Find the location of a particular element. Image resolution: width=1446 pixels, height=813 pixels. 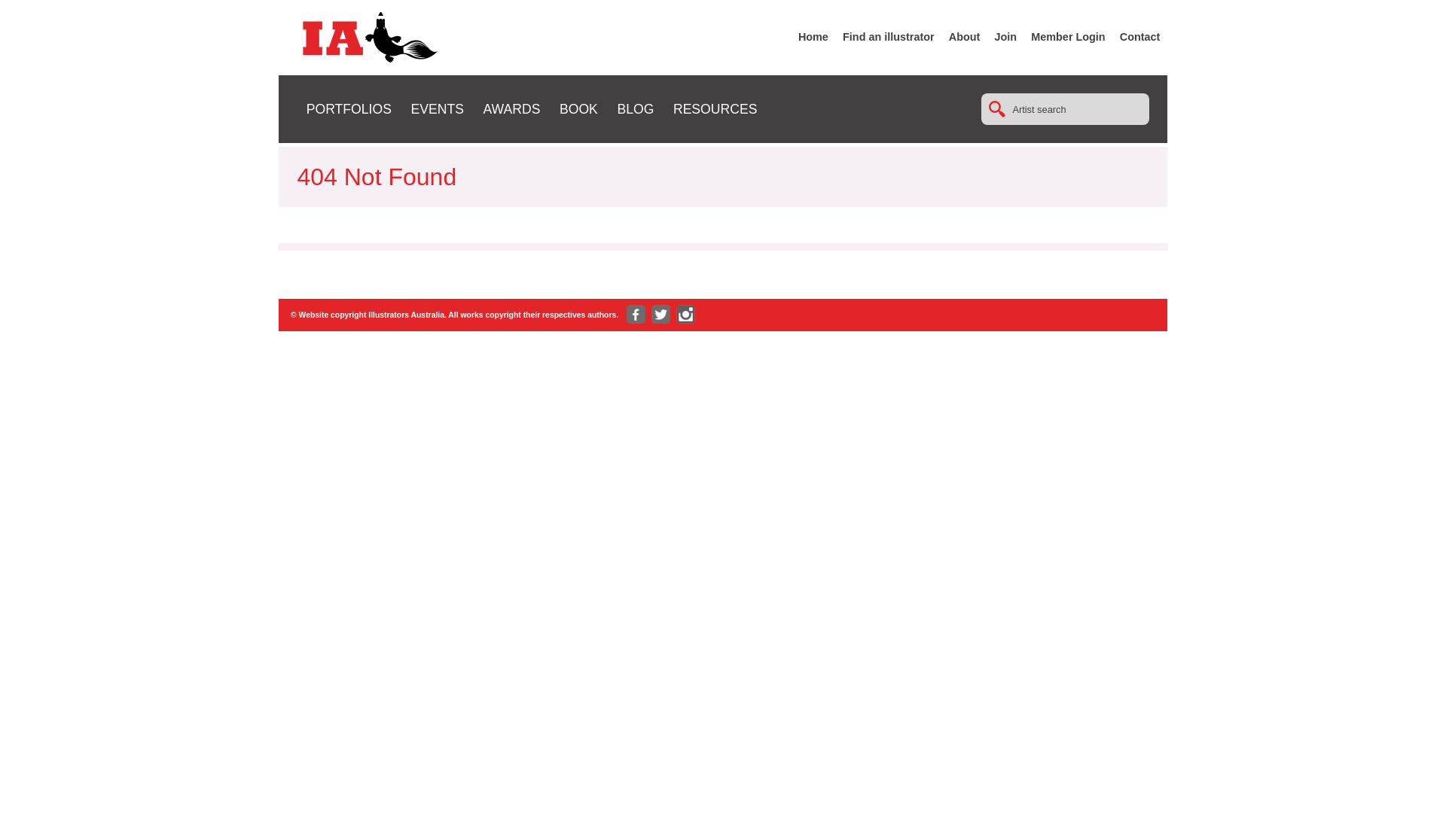

'Find an illustrator' is located at coordinates (889, 36).